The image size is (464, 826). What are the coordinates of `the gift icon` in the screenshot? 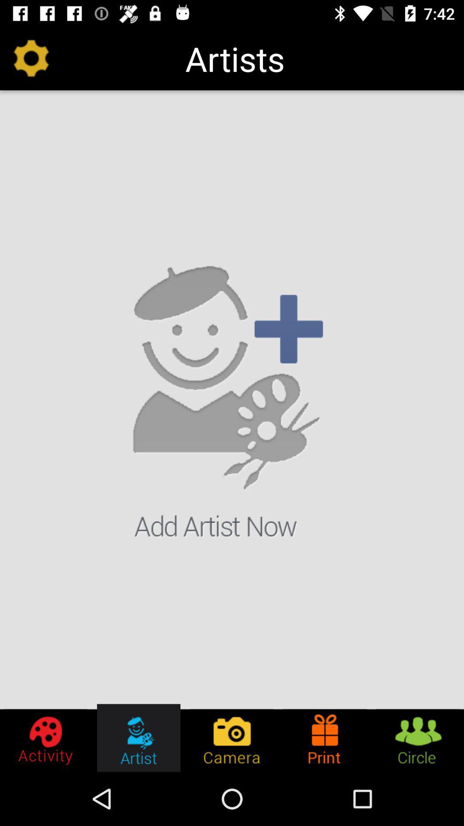 It's located at (325, 737).